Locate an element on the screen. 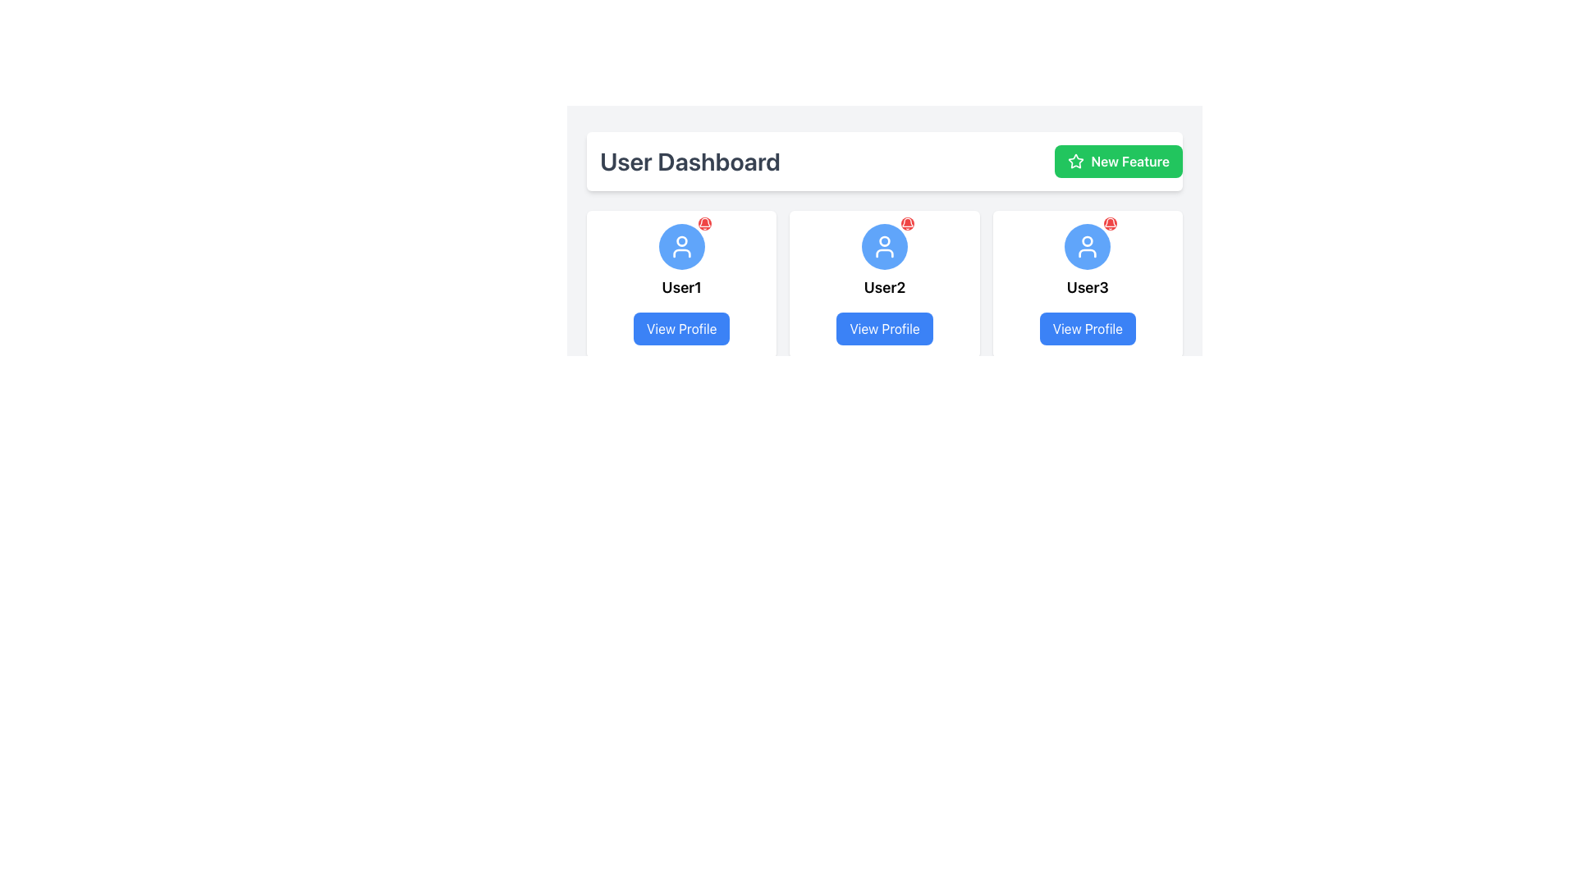 This screenshot has height=886, width=1576. the first card in the grid layout under the 'User Dashboard' header is located at coordinates (681, 284).